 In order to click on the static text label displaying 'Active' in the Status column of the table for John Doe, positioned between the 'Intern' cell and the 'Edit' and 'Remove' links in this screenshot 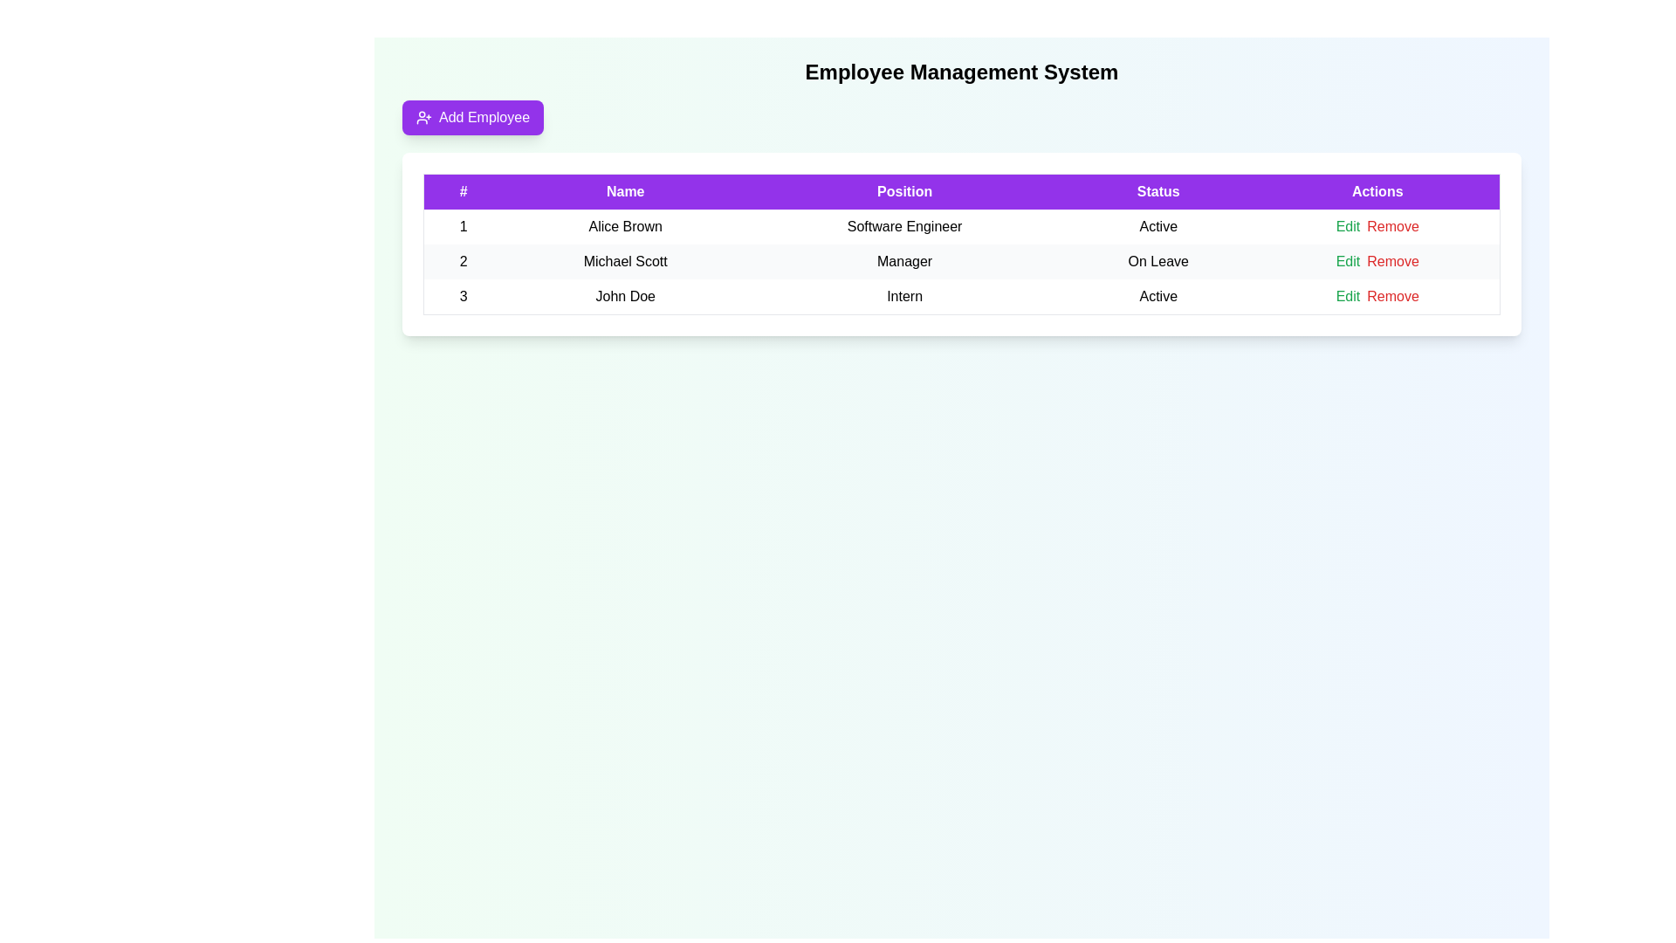, I will do `click(1158, 296)`.